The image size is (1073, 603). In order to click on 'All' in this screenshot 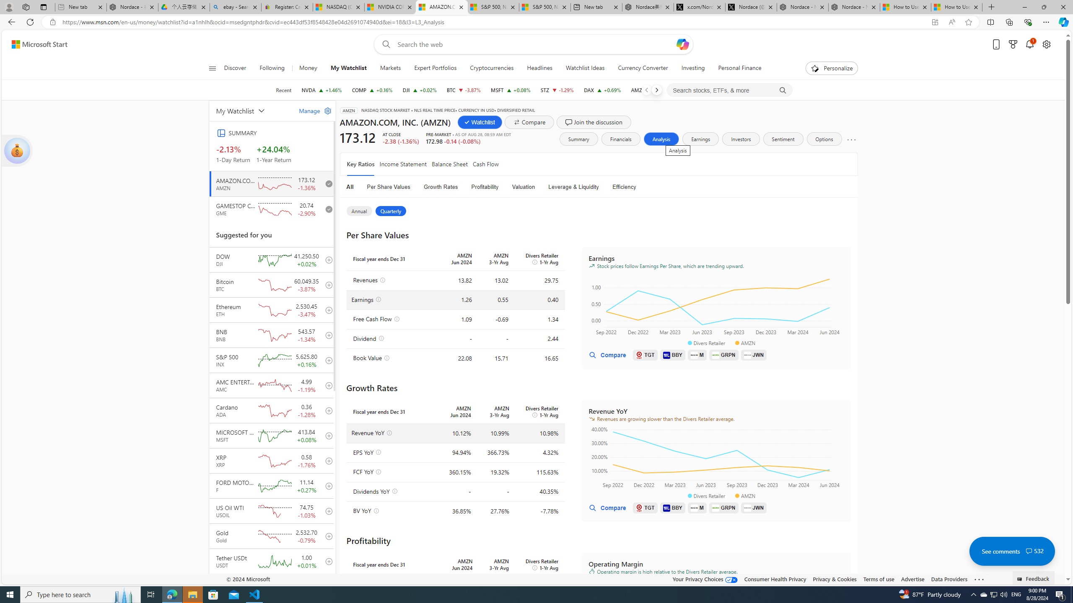, I will do `click(350, 186)`.